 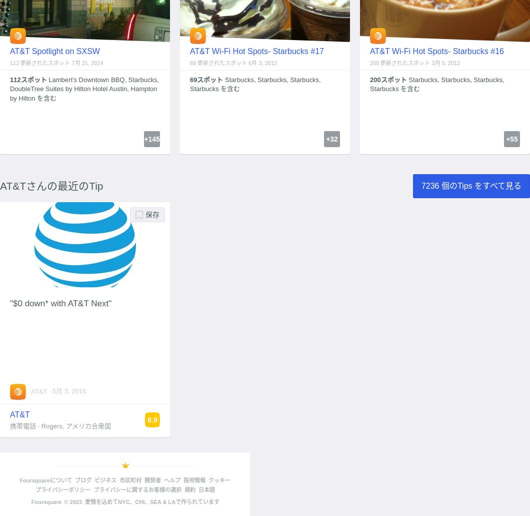 What do you see at coordinates (470, 185) in the screenshot?
I see `'7236 個のTips をすべて見る'` at bounding box center [470, 185].